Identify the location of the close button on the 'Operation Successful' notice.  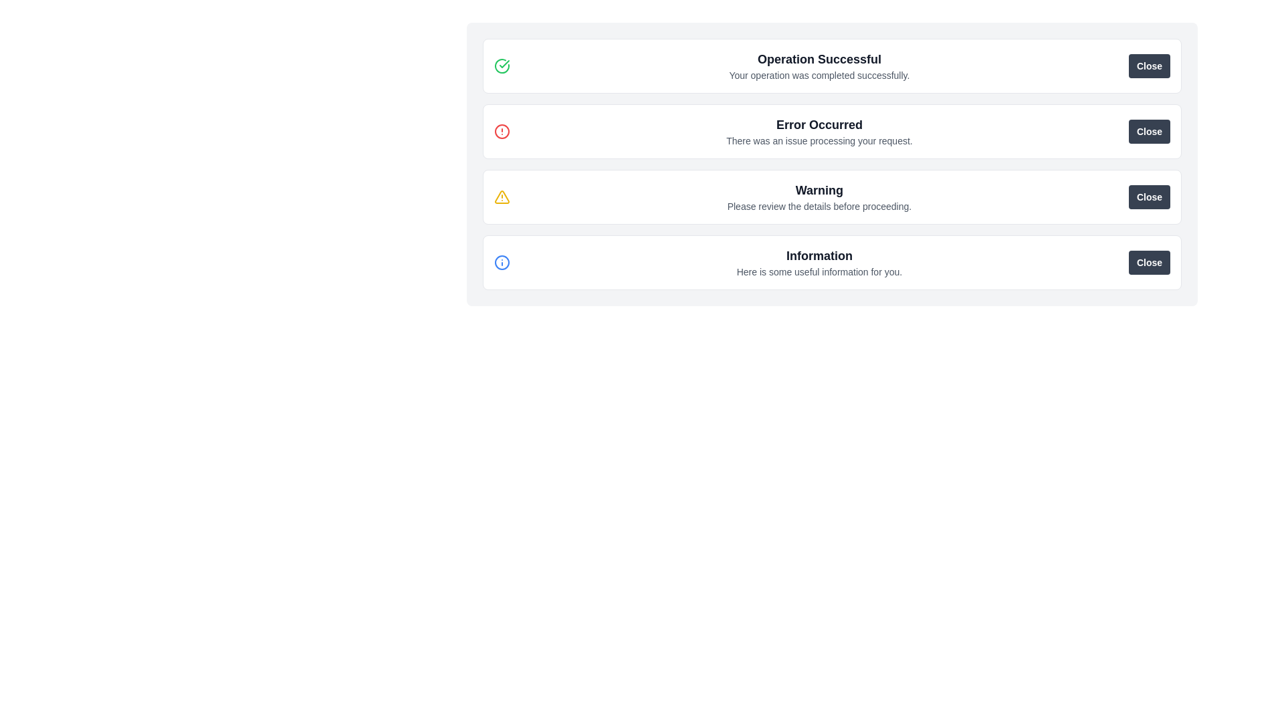
(1148, 66).